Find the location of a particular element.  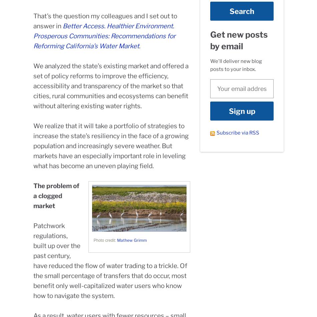

'Careers' is located at coordinates (117, 252).